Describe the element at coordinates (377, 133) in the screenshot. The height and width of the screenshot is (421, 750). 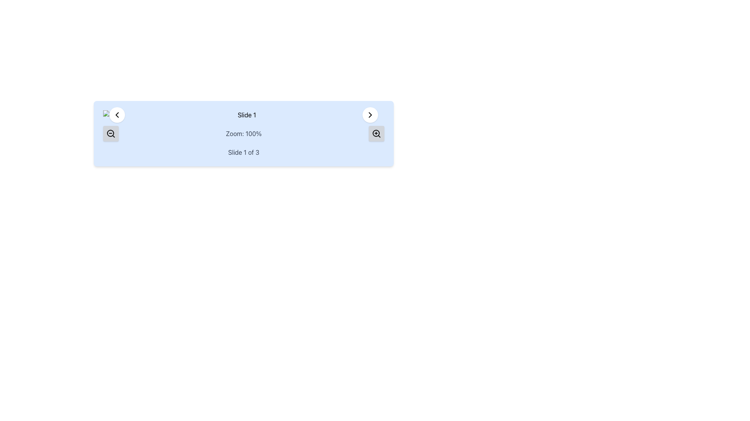
I see `the third interactive button with a gray background and a zoom-in magnifying glass icon` at that location.